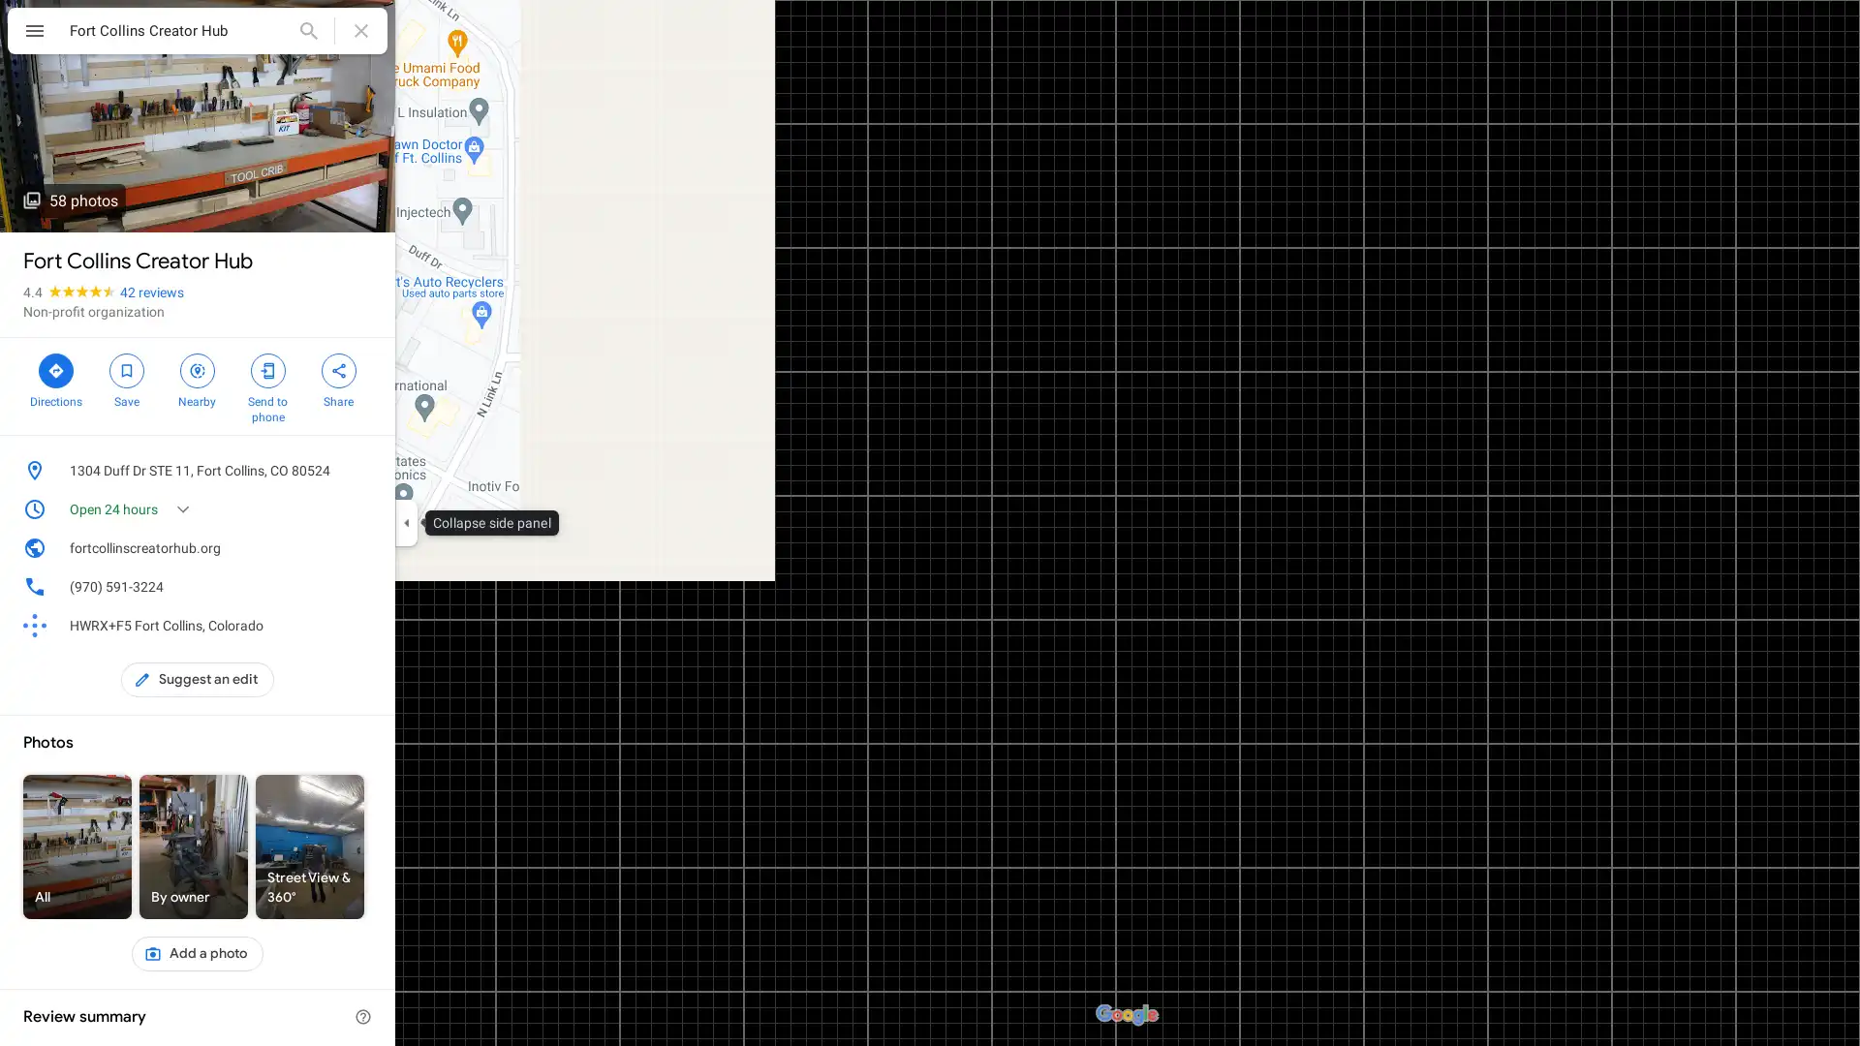 The image size is (1860, 1046). I want to click on Learn more about plus codes, so click(362, 625).